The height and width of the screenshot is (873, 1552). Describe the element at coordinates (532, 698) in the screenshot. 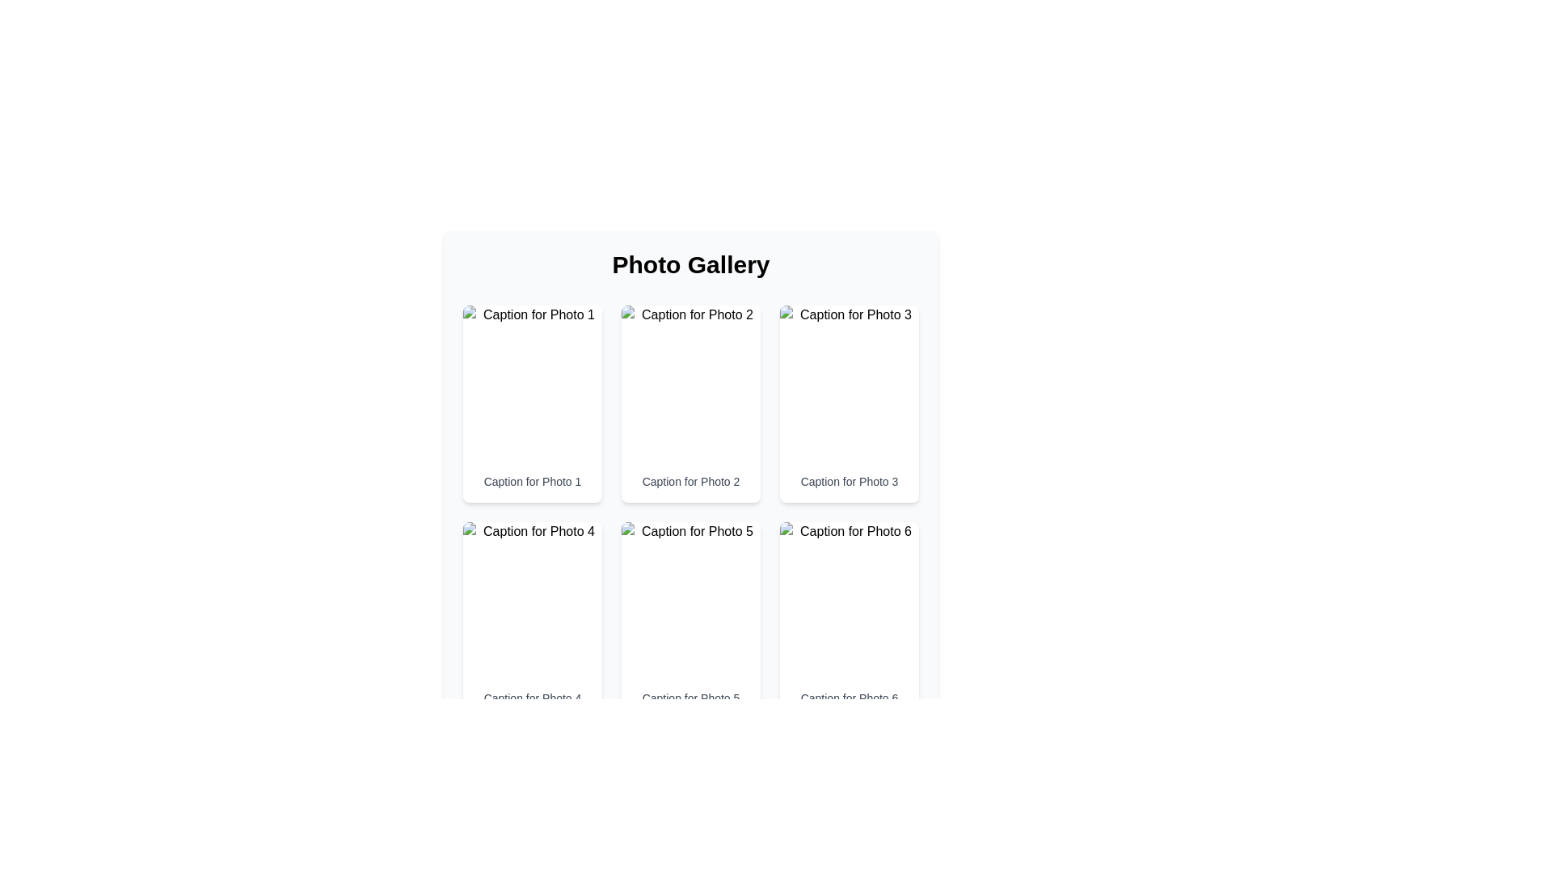

I see `text snippet labeled 'Caption for Photo 4' which is styled with a small gray font and located beneath the image placeholder for 'Photo 4' in the gallery interface` at that location.